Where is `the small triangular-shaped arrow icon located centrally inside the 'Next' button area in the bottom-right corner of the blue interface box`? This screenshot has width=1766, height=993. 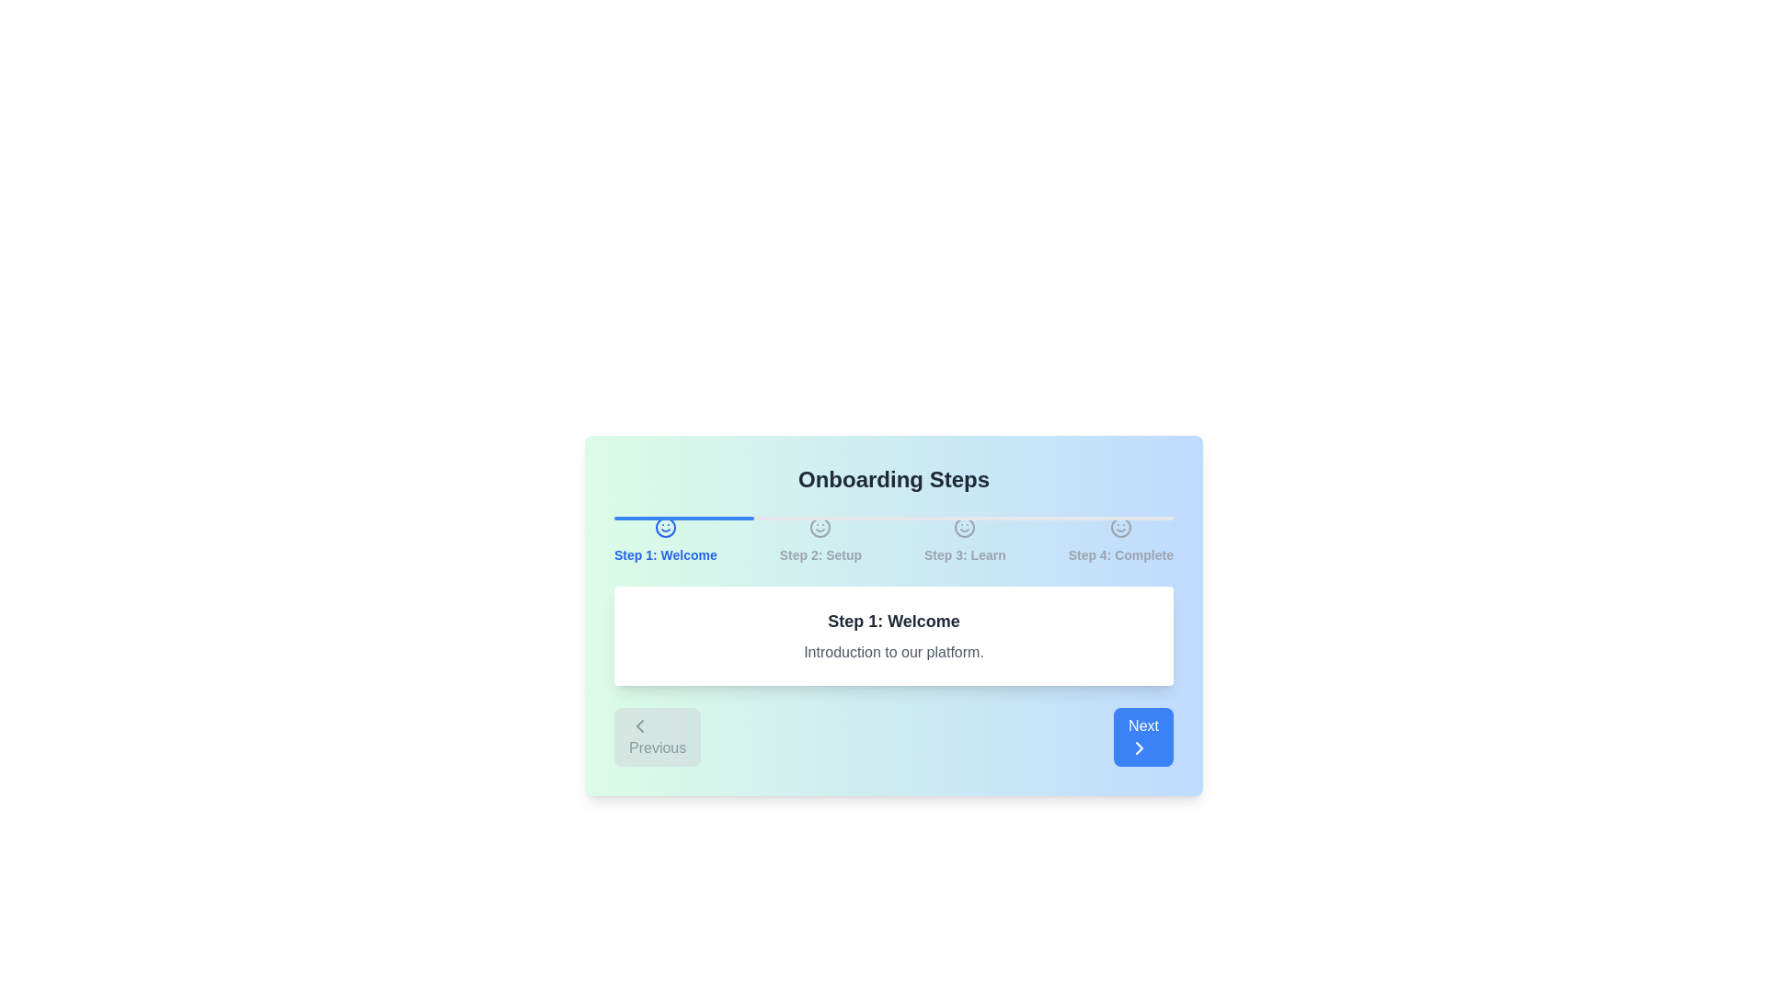
the small triangular-shaped arrow icon located centrally inside the 'Next' button area in the bottom-right corner of the blue interface box is located at coordinates (1139, 748).